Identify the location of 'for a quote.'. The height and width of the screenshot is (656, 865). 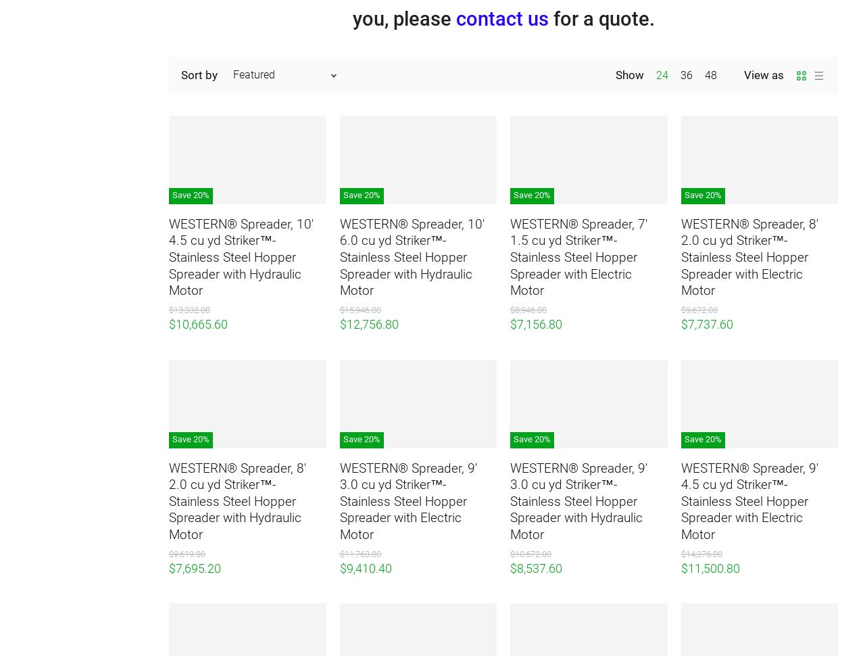
(600, 18).